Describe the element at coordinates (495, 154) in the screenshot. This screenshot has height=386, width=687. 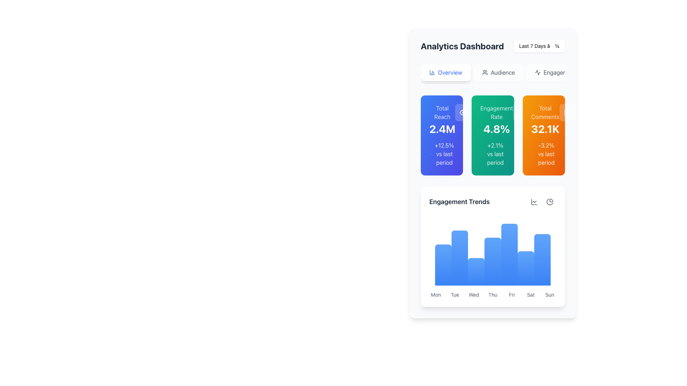
I see `statistical information displayed on the Text label within the green card labeled 'Engagement Rate 4.8%' located in the second column under the 'Analytics Dashboard' header` at that location.